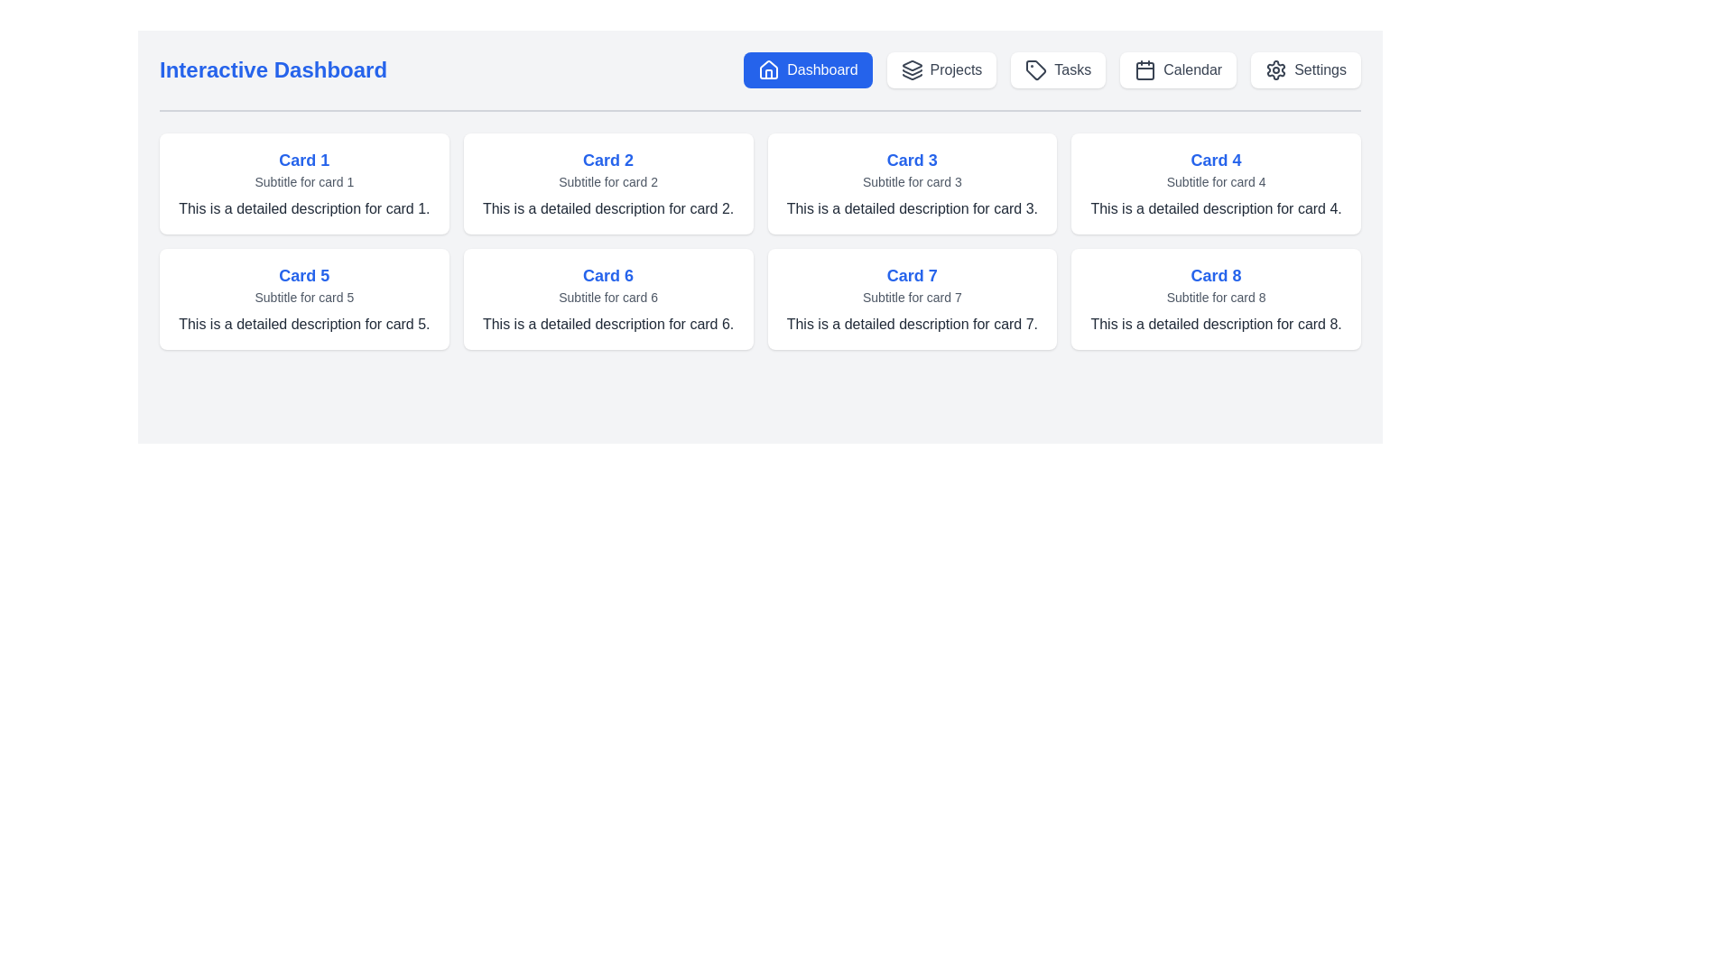 Image resolution: width=1733 pixels, height=974 pixels. I want to click on the title text for the card titled 'Card 4', located at the top center of this card in the second row, second column of the grid, so click(1216, 159).